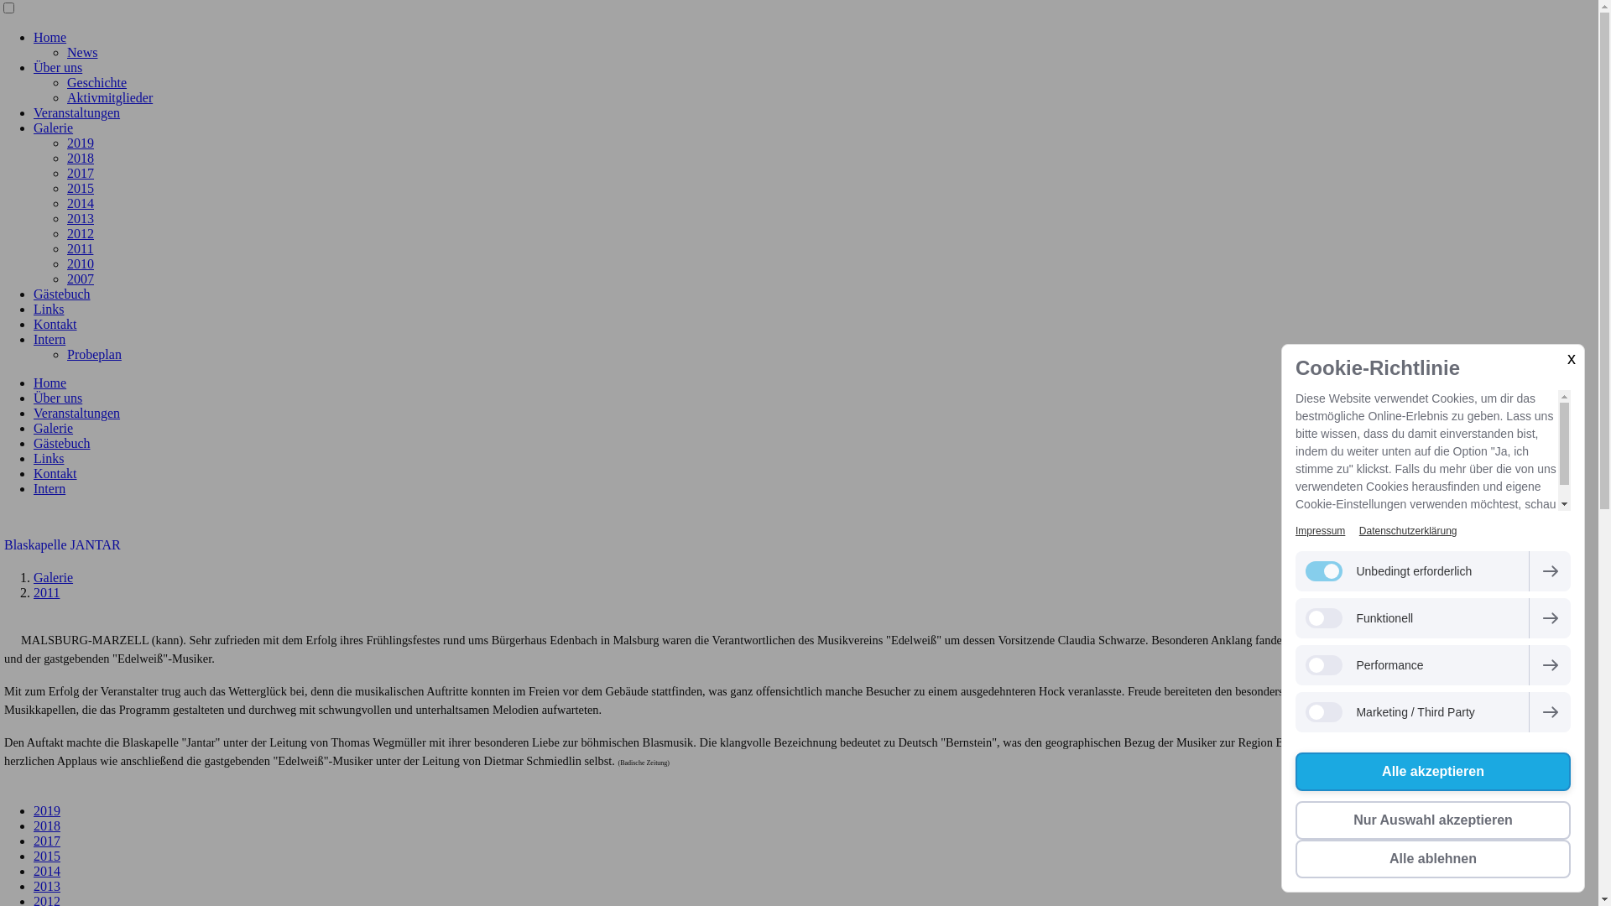  I want to click on '2019', so click(47, 810).